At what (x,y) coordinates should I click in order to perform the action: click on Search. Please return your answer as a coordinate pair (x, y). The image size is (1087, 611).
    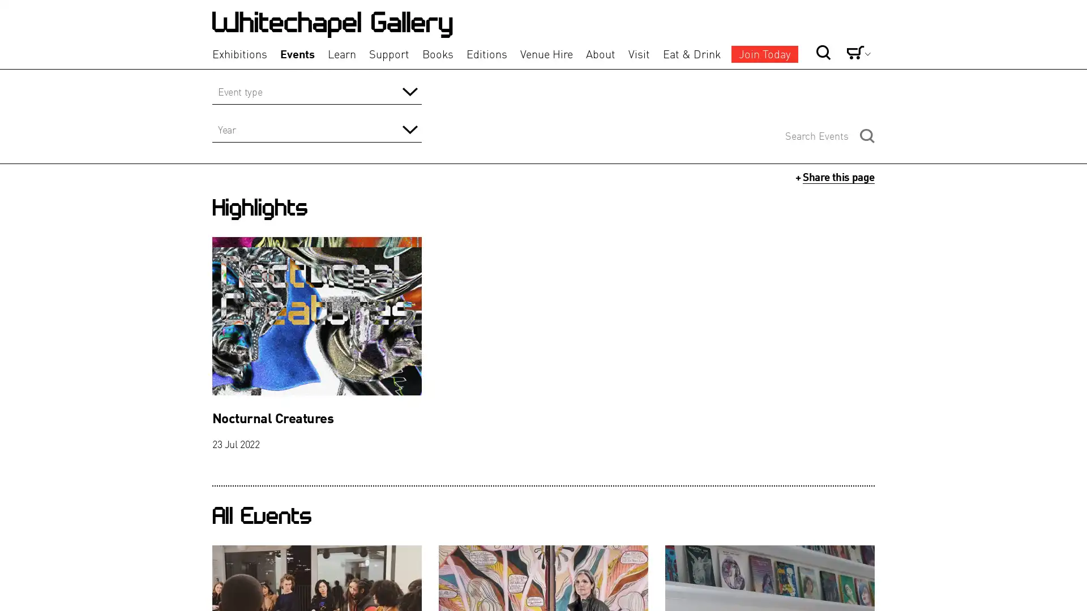
    Looking at the image, I should click on (866, 135).